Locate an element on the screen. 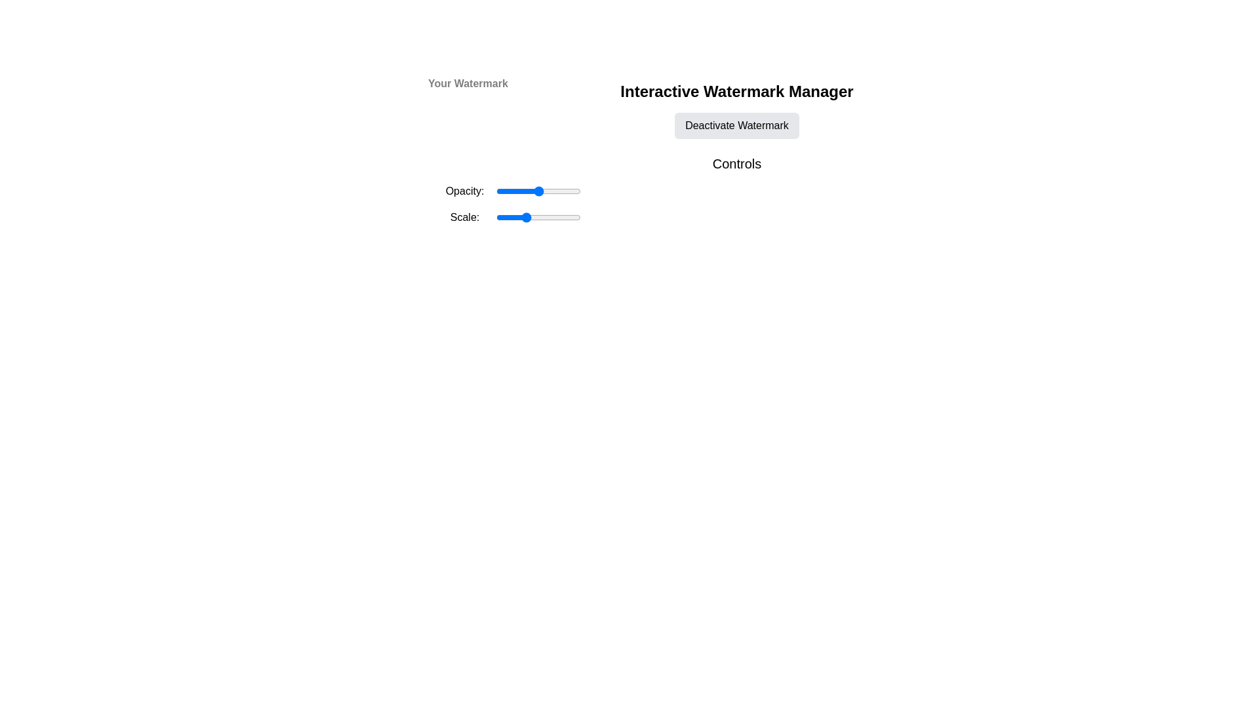 This screenshot has height=708, width=1259. the static label indicating the purpose of the interface section related to managing watermarks, positioned above the 'Deactivate Watermark' button is located at coordinates (736, 90).